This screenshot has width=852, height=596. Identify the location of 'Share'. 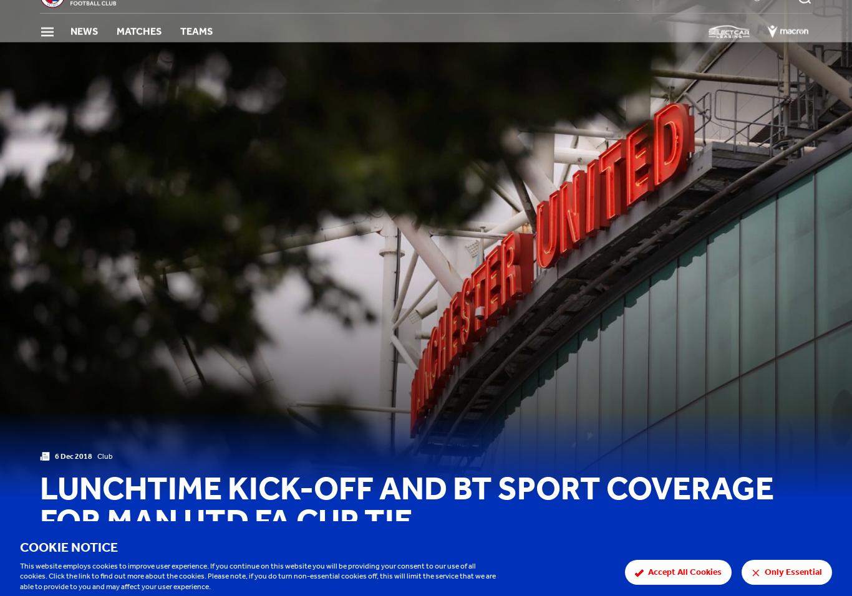
(752, 579).